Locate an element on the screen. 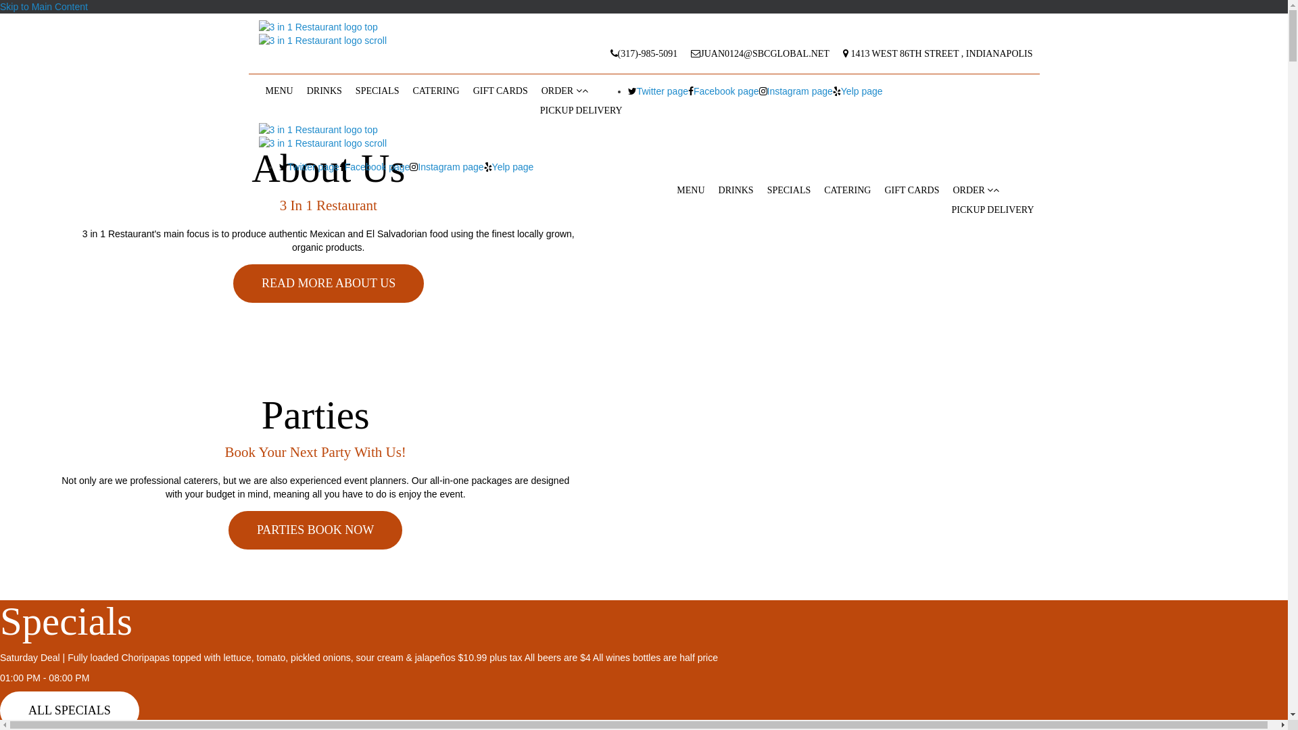  'Skip to Main Content' is located at coordinates (44, 7).